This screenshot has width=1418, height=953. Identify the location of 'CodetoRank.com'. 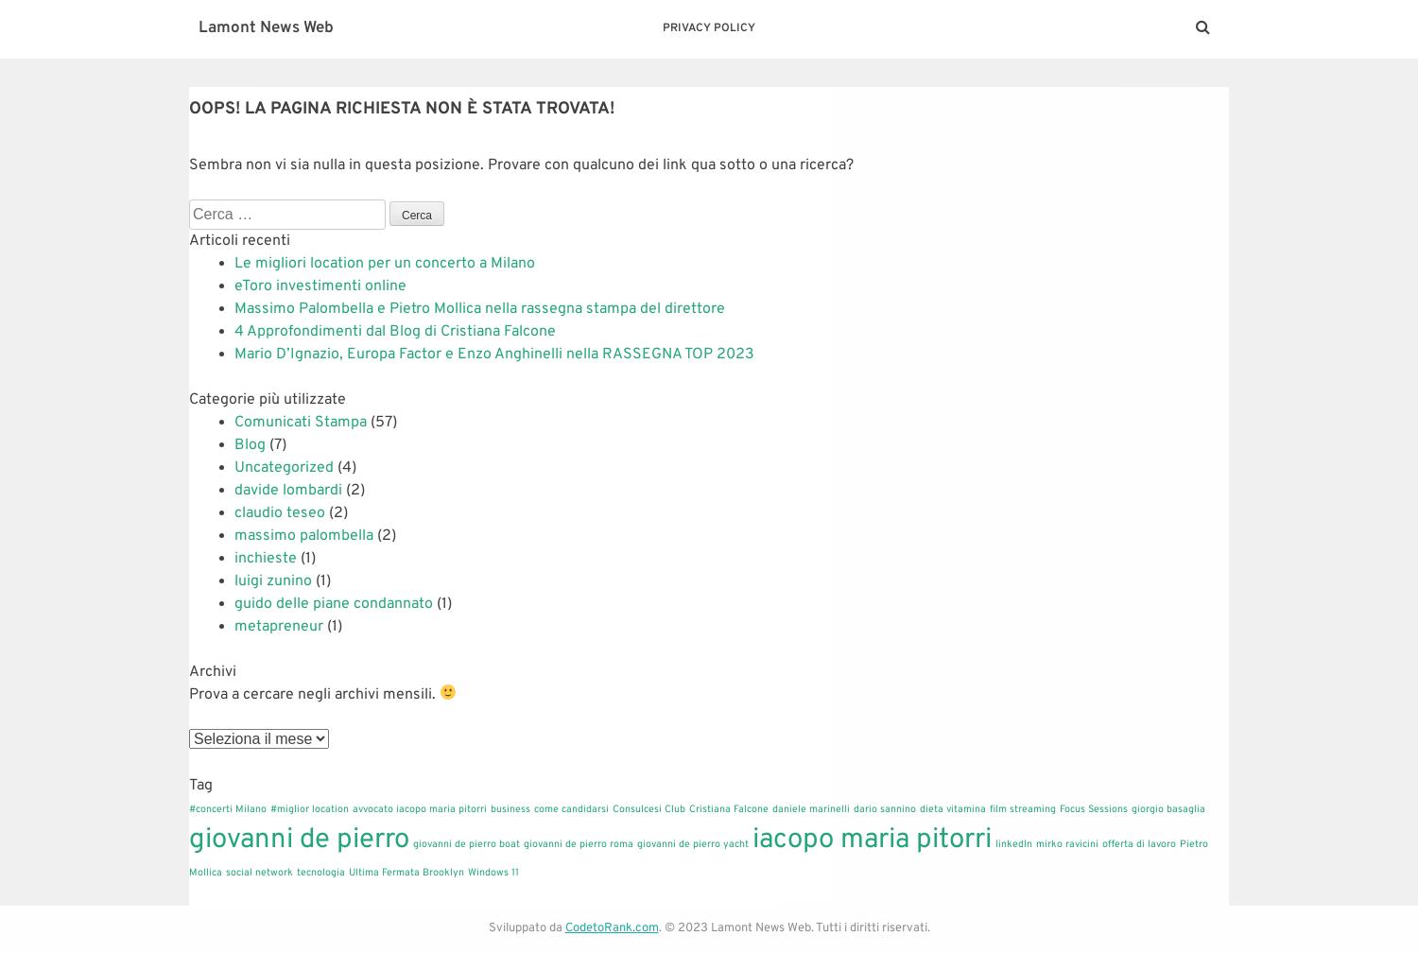
(611, 927).